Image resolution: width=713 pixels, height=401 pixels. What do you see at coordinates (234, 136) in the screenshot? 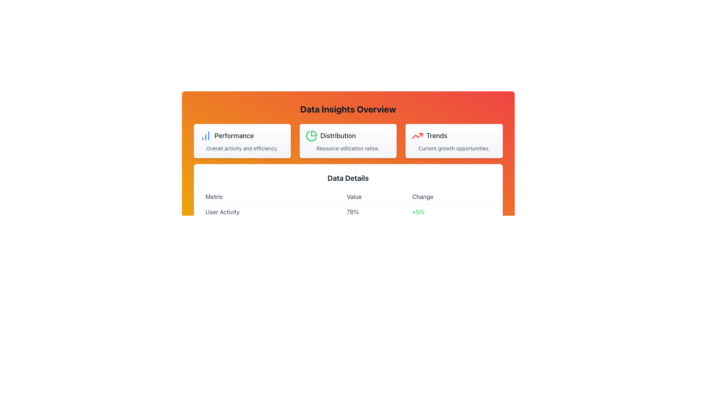
I see `the label located in the top-left card under the 'Data Insights Overview' heading for additional actions` at bounding box center [234, 136].